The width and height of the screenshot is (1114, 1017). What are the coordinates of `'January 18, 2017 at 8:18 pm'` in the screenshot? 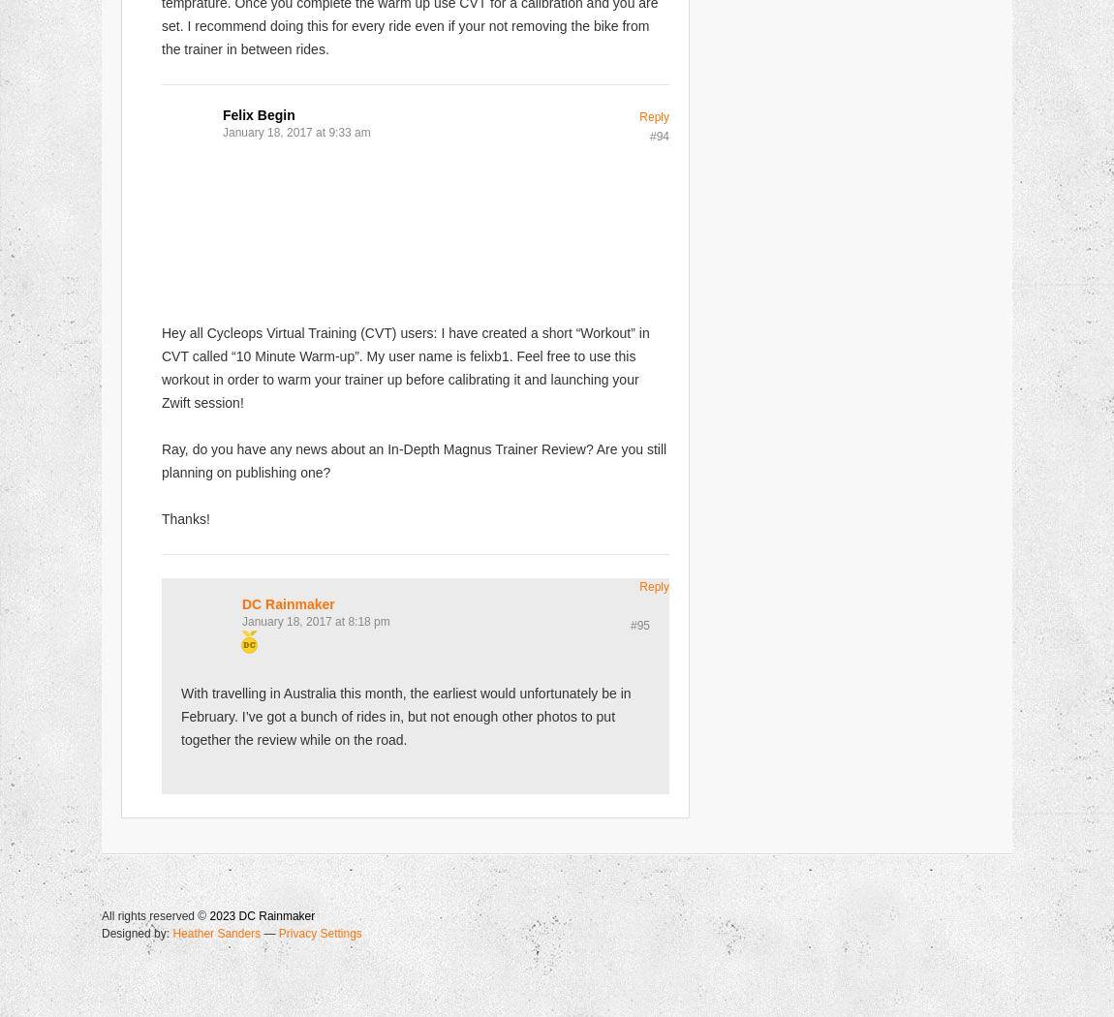 It's located at (241, 620).